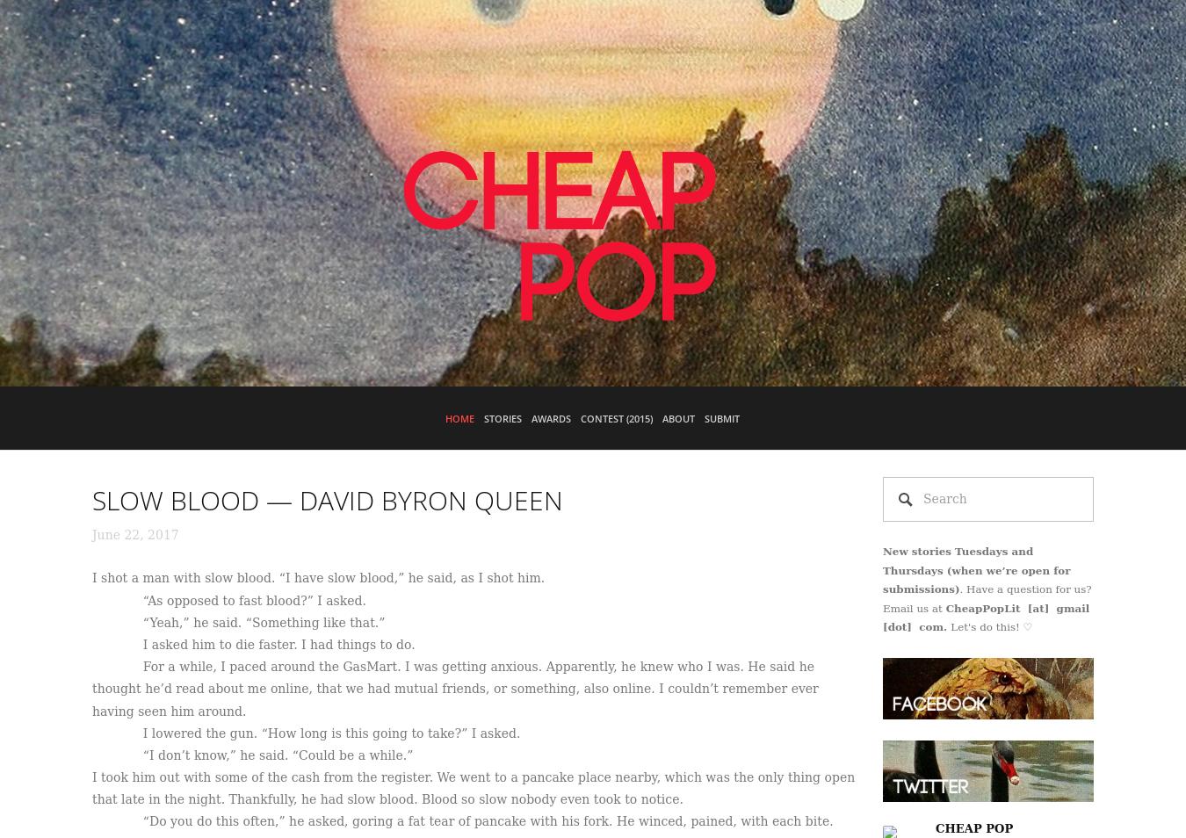 The width and height of the screenshot is (1186, 838). I want to click on 'Stories', so click(503, 417).